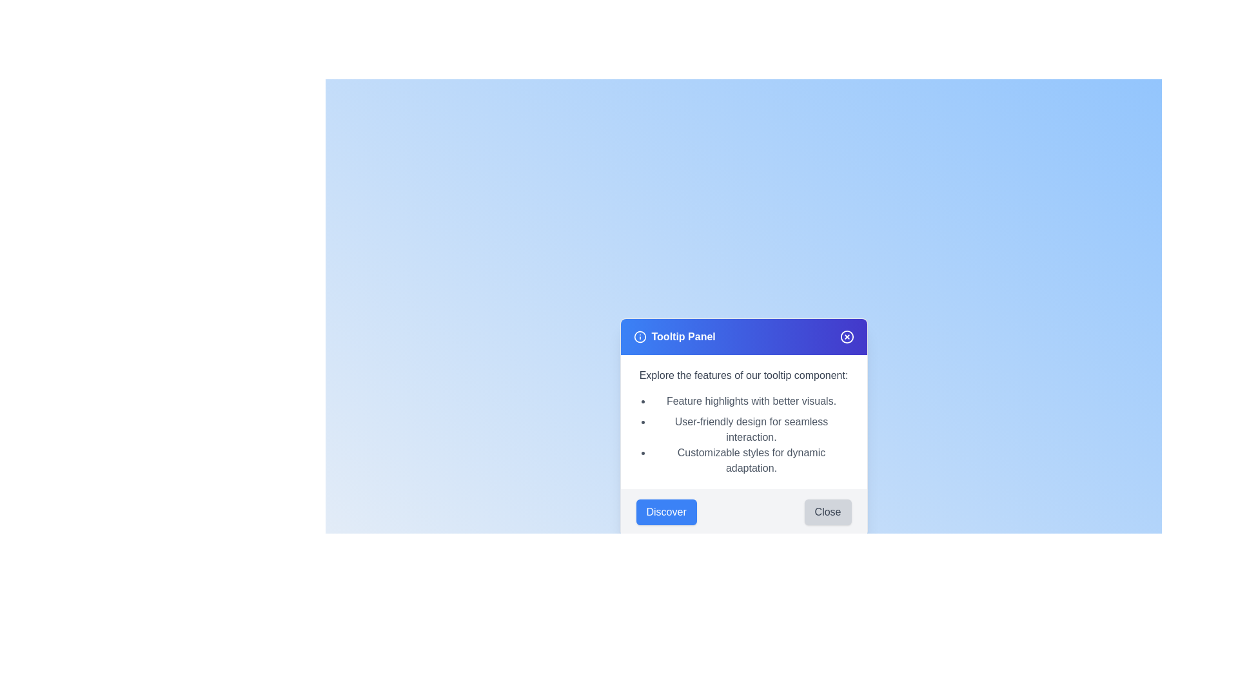 This screenshot has height=696, width=1238. What do you see at coordinates (751, 459) in the screenshot?
I see `the static text element that describes a feature of the component, located within the tooltip panel, specifically the third item in the bulleted list` at bounding box center [751, 459].